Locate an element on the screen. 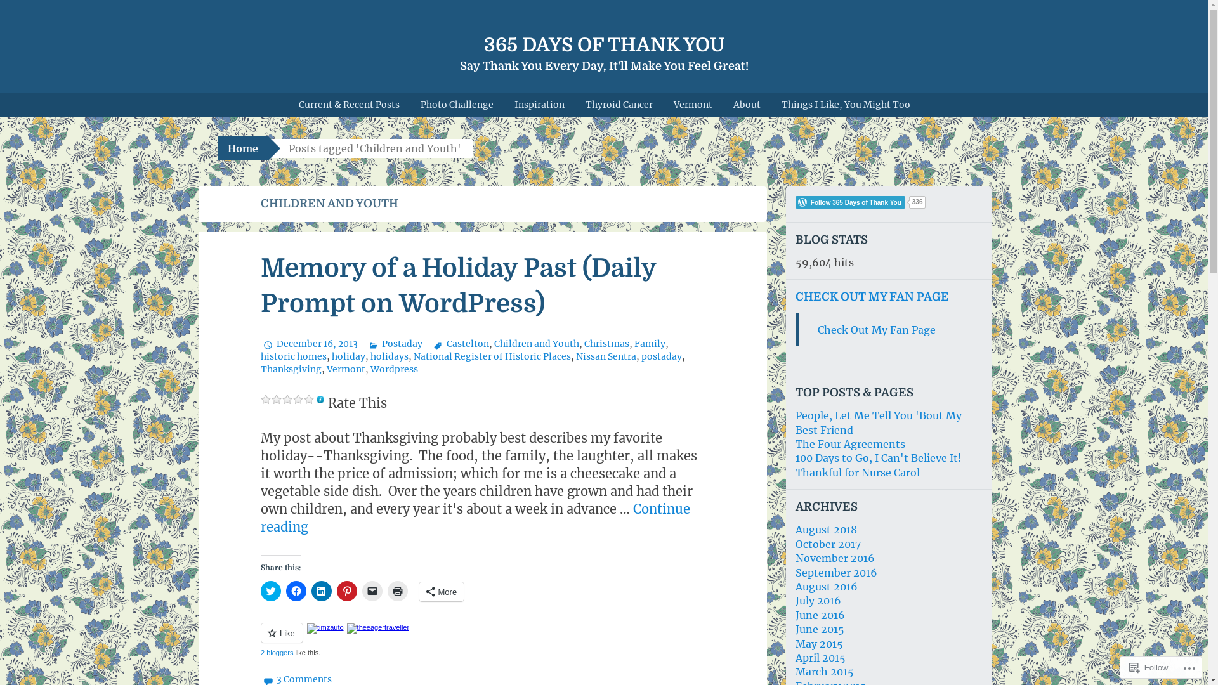  'Thyroid Cancer' is located at coordinates (619, 104).